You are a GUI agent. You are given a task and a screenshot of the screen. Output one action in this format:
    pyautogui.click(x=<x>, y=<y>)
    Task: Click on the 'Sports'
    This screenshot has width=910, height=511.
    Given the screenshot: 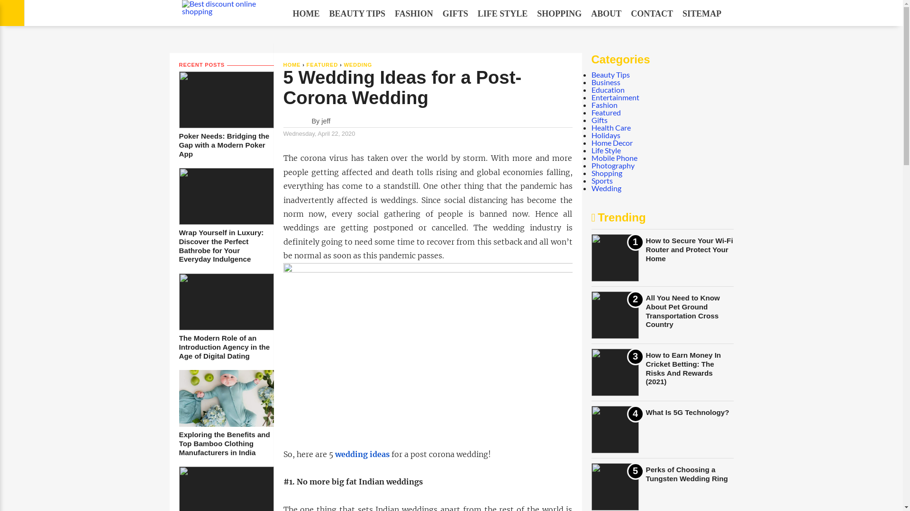 What is the action you would take?
    pyautogui.click(x=601, y=180)
    